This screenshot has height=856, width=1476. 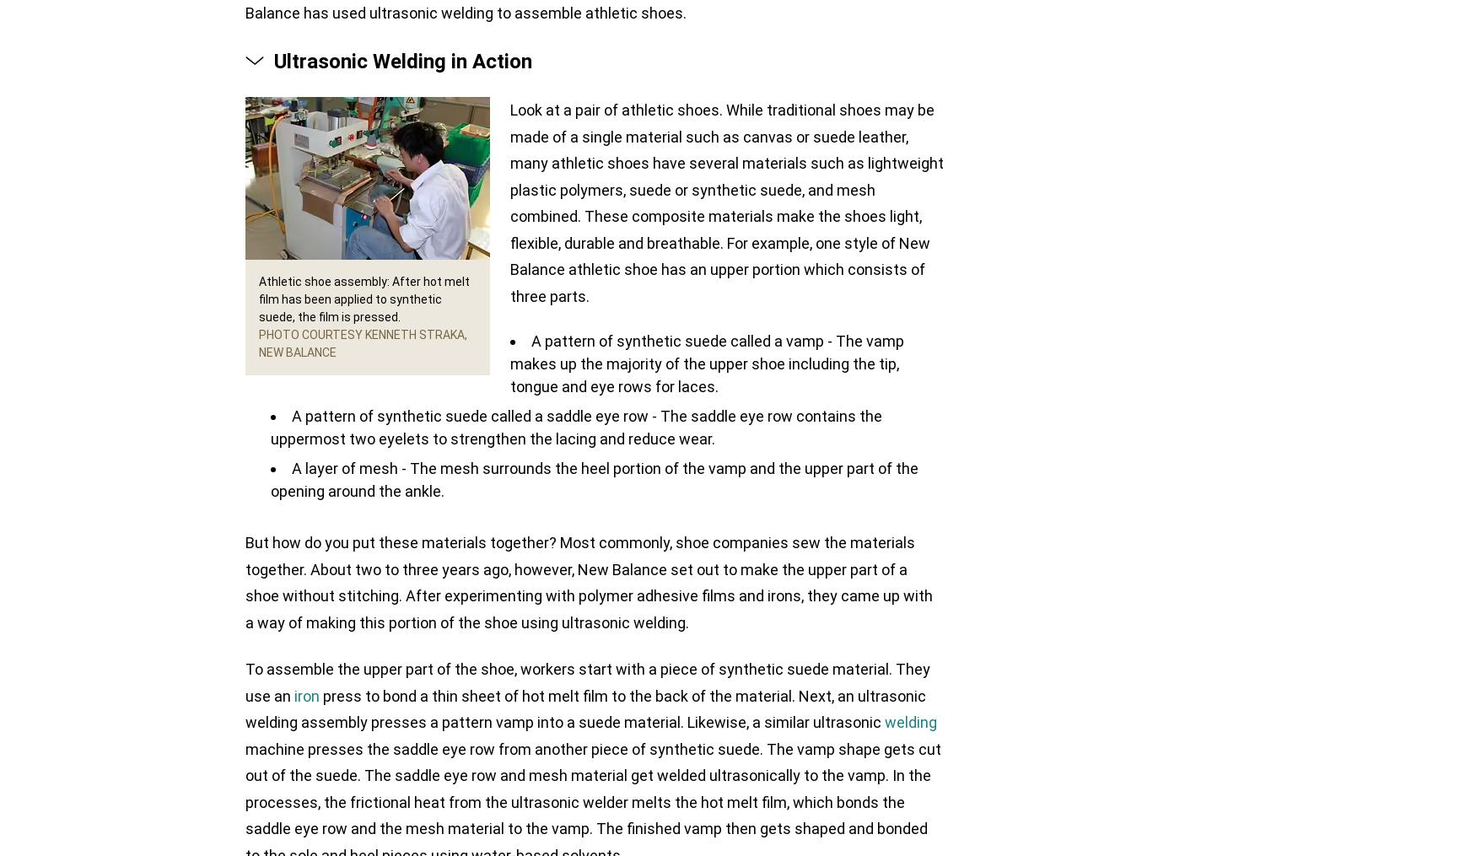 What do you see at coordinates (588, 681) in the screenshot?
I see `'To assemble the upper part of the shoe, workers start with a piece of synthetic suede material. They use an'` at bounding box center [588, 681].